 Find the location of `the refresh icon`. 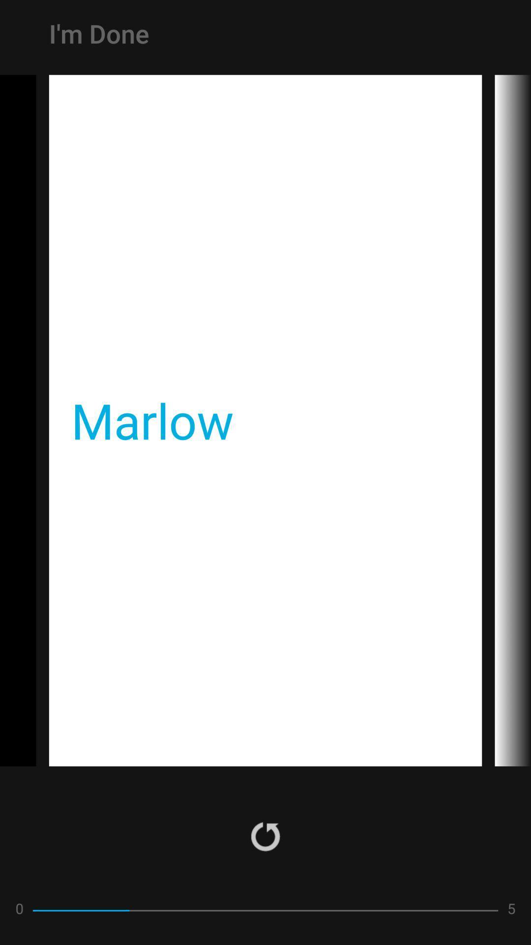

the refresh icon is located at coordinates (265, 836).